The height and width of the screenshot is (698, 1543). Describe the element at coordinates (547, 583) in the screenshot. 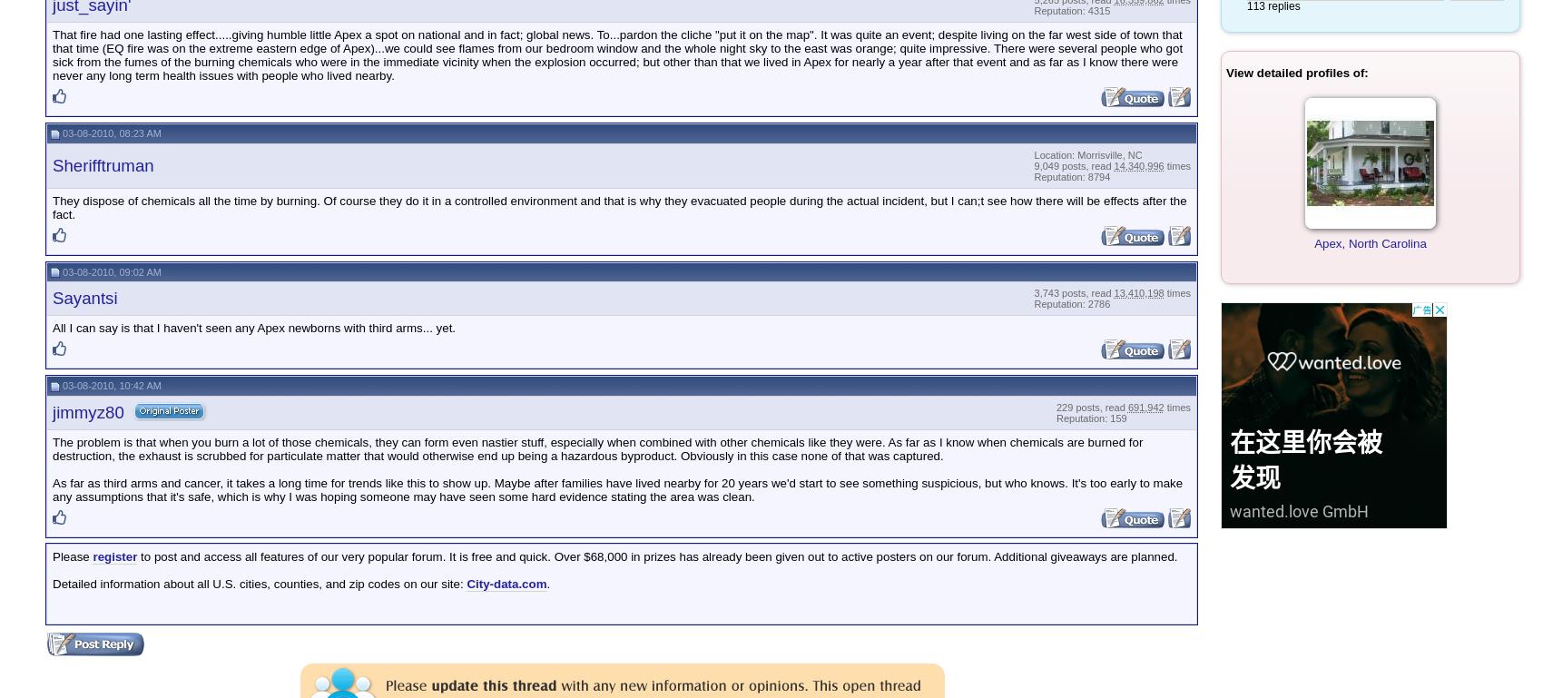

I see `'.'` at that location.